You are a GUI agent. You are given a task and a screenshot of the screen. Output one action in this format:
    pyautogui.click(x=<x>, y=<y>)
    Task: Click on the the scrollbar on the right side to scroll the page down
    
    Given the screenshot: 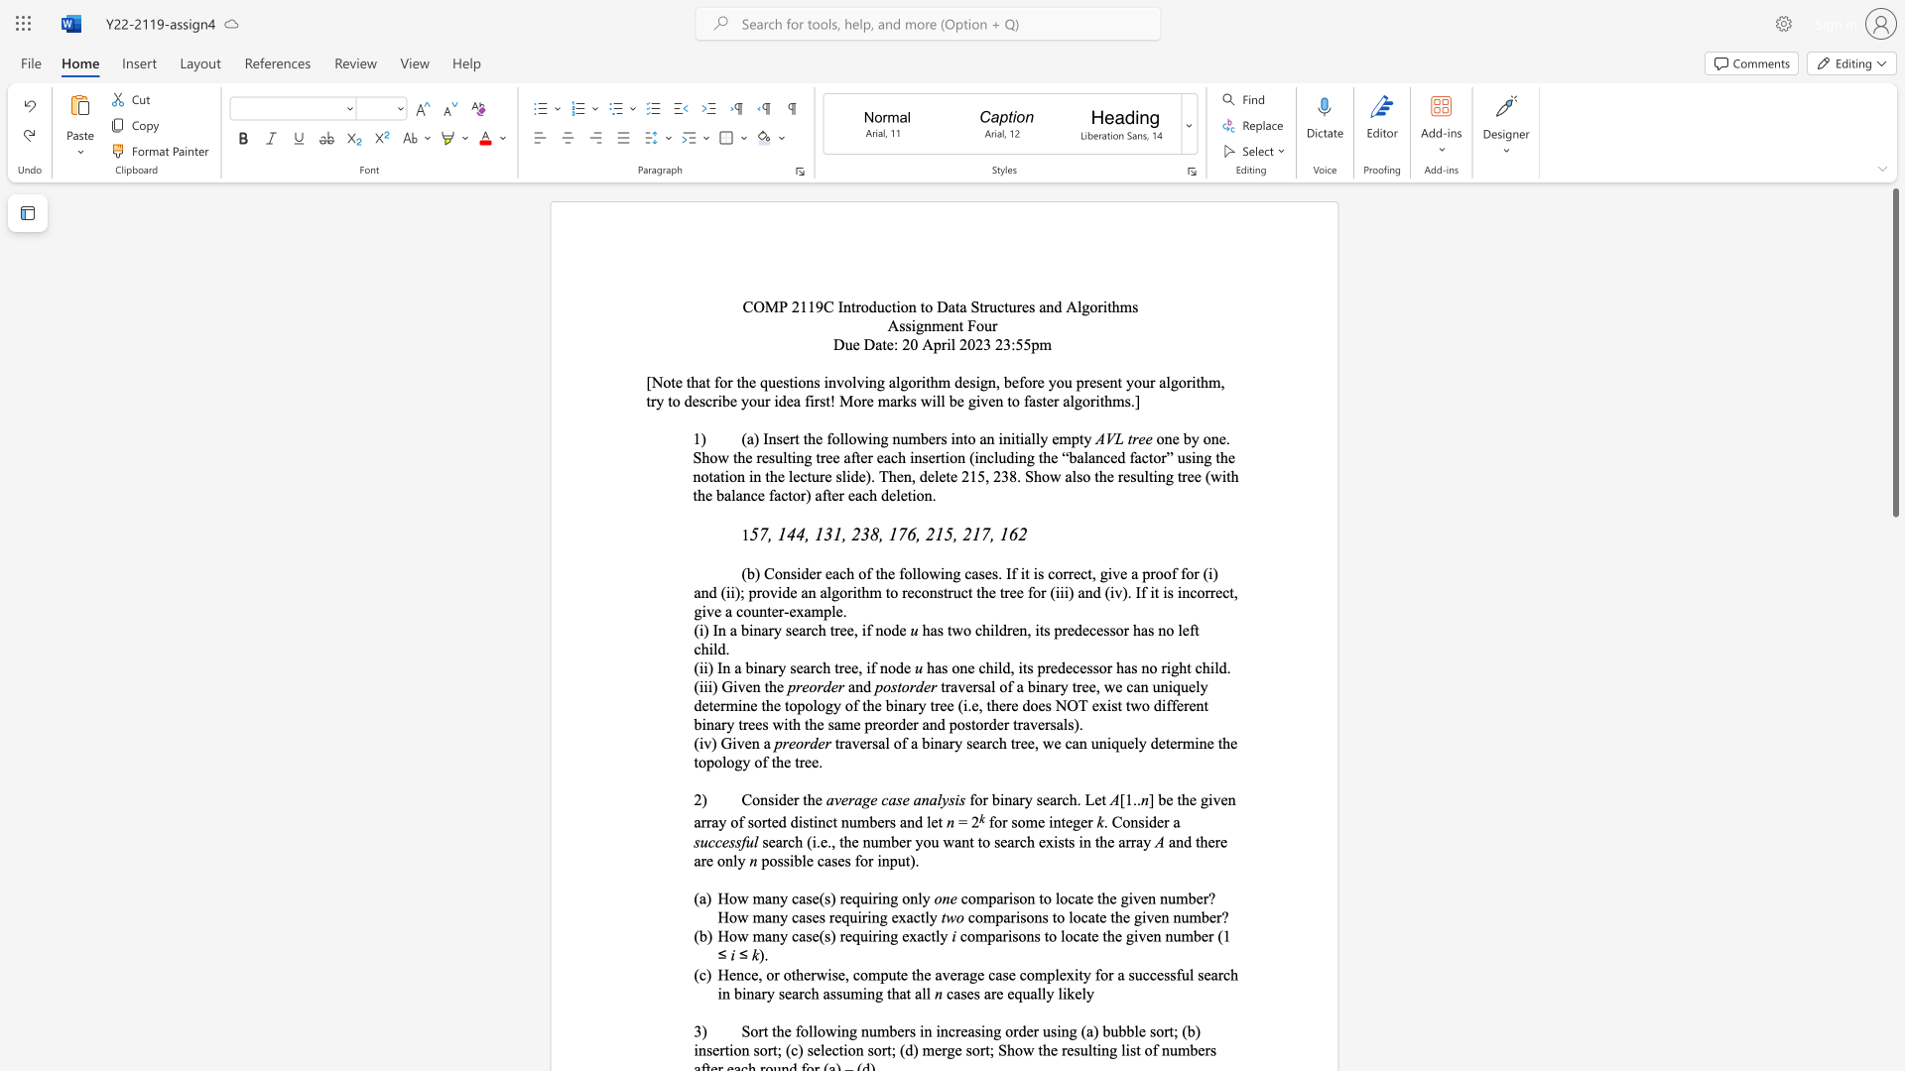 What is the action you would take?
    pyautogui.click(x=1894, y=842)
    